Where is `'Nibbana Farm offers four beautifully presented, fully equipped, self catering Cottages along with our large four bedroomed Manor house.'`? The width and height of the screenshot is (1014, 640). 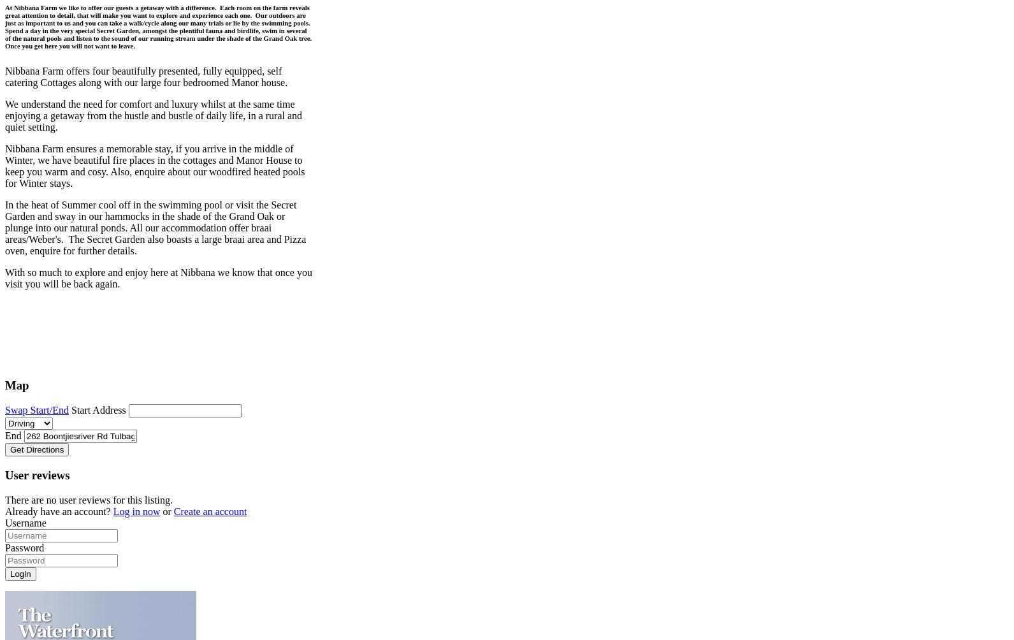 'Nibbana Farm offers four beautifully presented, fully equipped, self catering Cottages along with our large four bedroomed Manor house.' is located at coordinates (145, 76).